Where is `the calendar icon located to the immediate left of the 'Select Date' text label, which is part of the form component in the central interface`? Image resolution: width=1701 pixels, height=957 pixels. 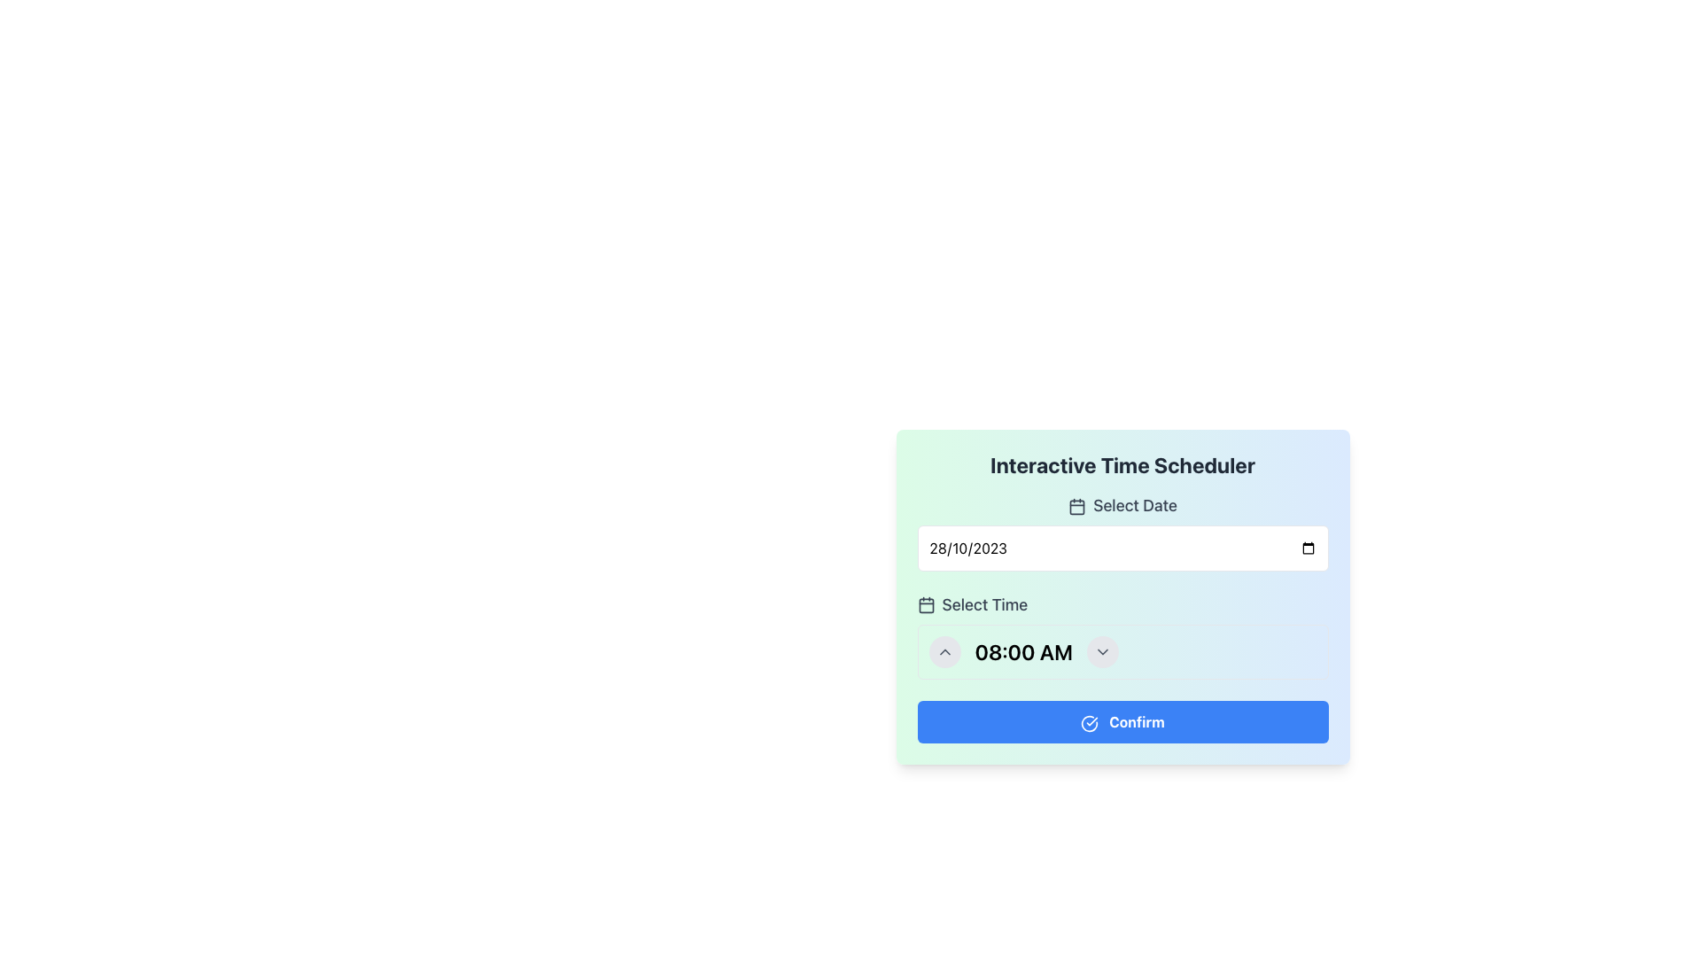
the calendar icon located to the immediate left of the 'Select Date' text label, which is part of the form component in the central interface is located at coordinates (1076, 507).